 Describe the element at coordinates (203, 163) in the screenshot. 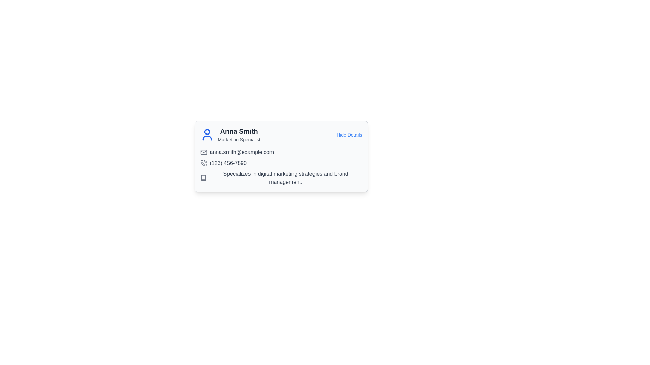

I see `the contact phone number icon, which is the first icon in a row within the contact card interface, located directly to the left of the phone number text element` at that location.